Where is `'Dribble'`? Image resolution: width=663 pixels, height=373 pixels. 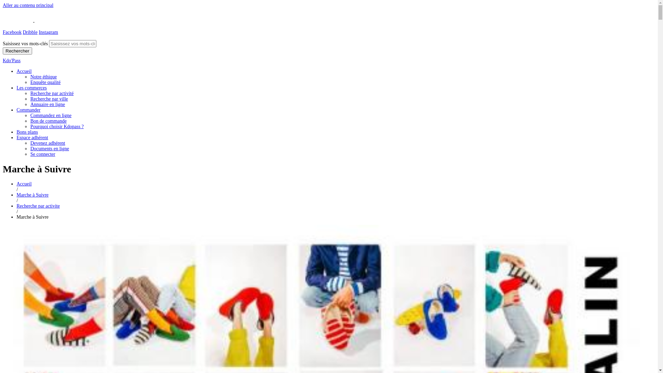 'Dribble' is located at coordinates (23, 32).